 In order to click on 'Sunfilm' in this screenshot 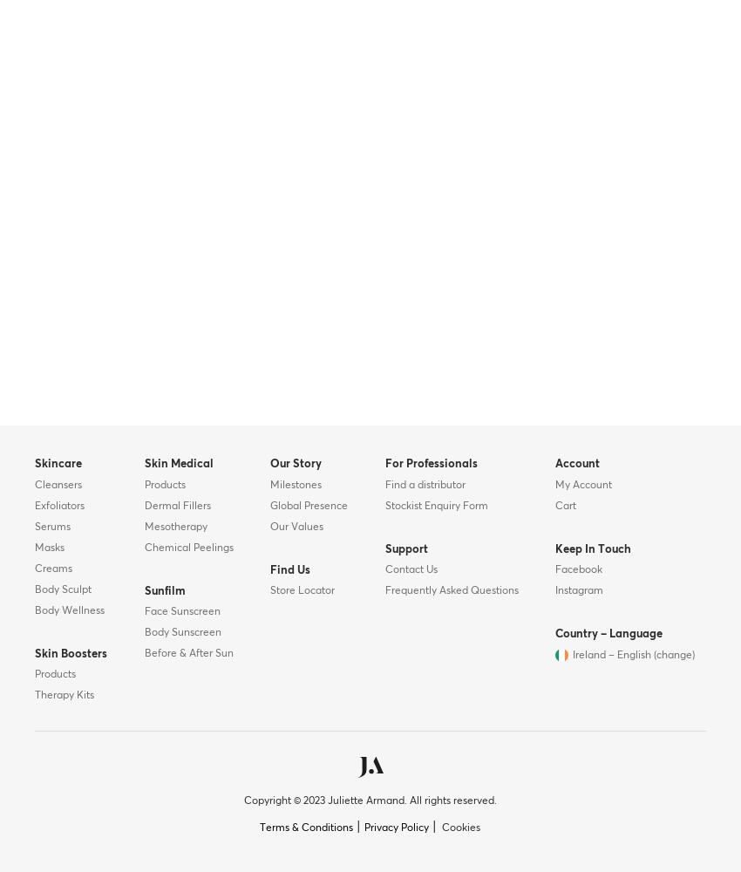, I will do `click(143, 590)`.